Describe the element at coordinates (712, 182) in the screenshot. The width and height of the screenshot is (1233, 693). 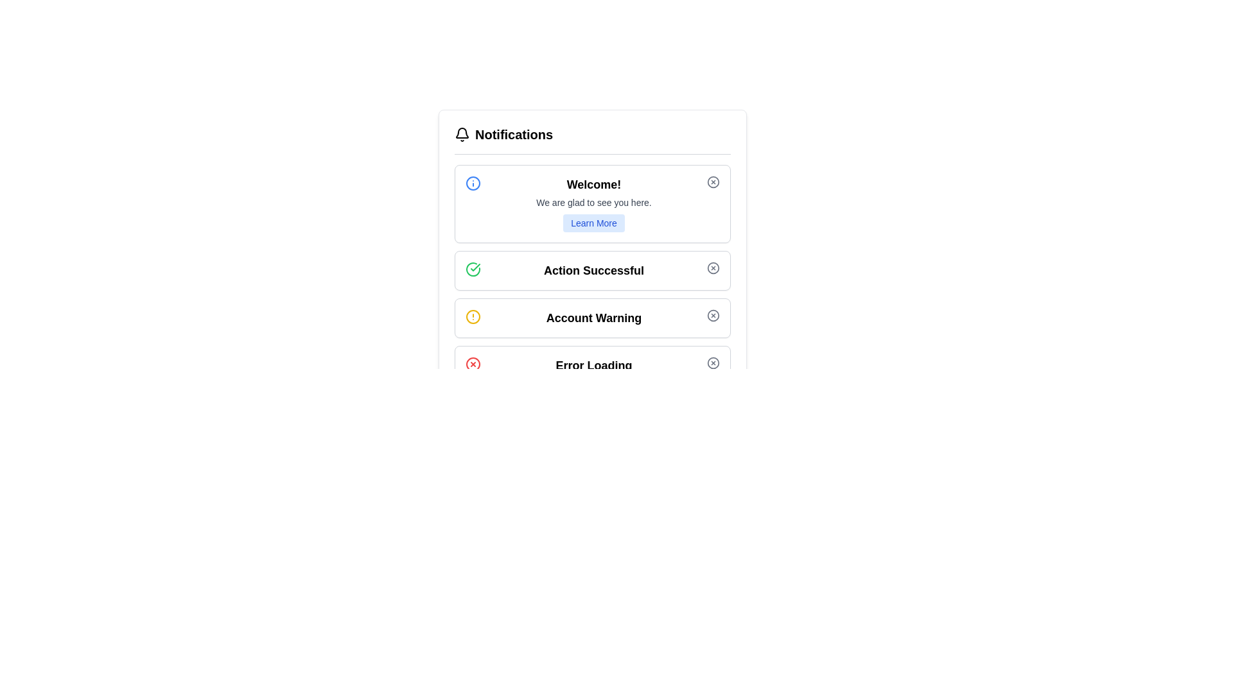
I see `the circular SVG element located in the top-right corner of the 'Welcome!' notification card, which serves as a dismiss or close action` at that location.